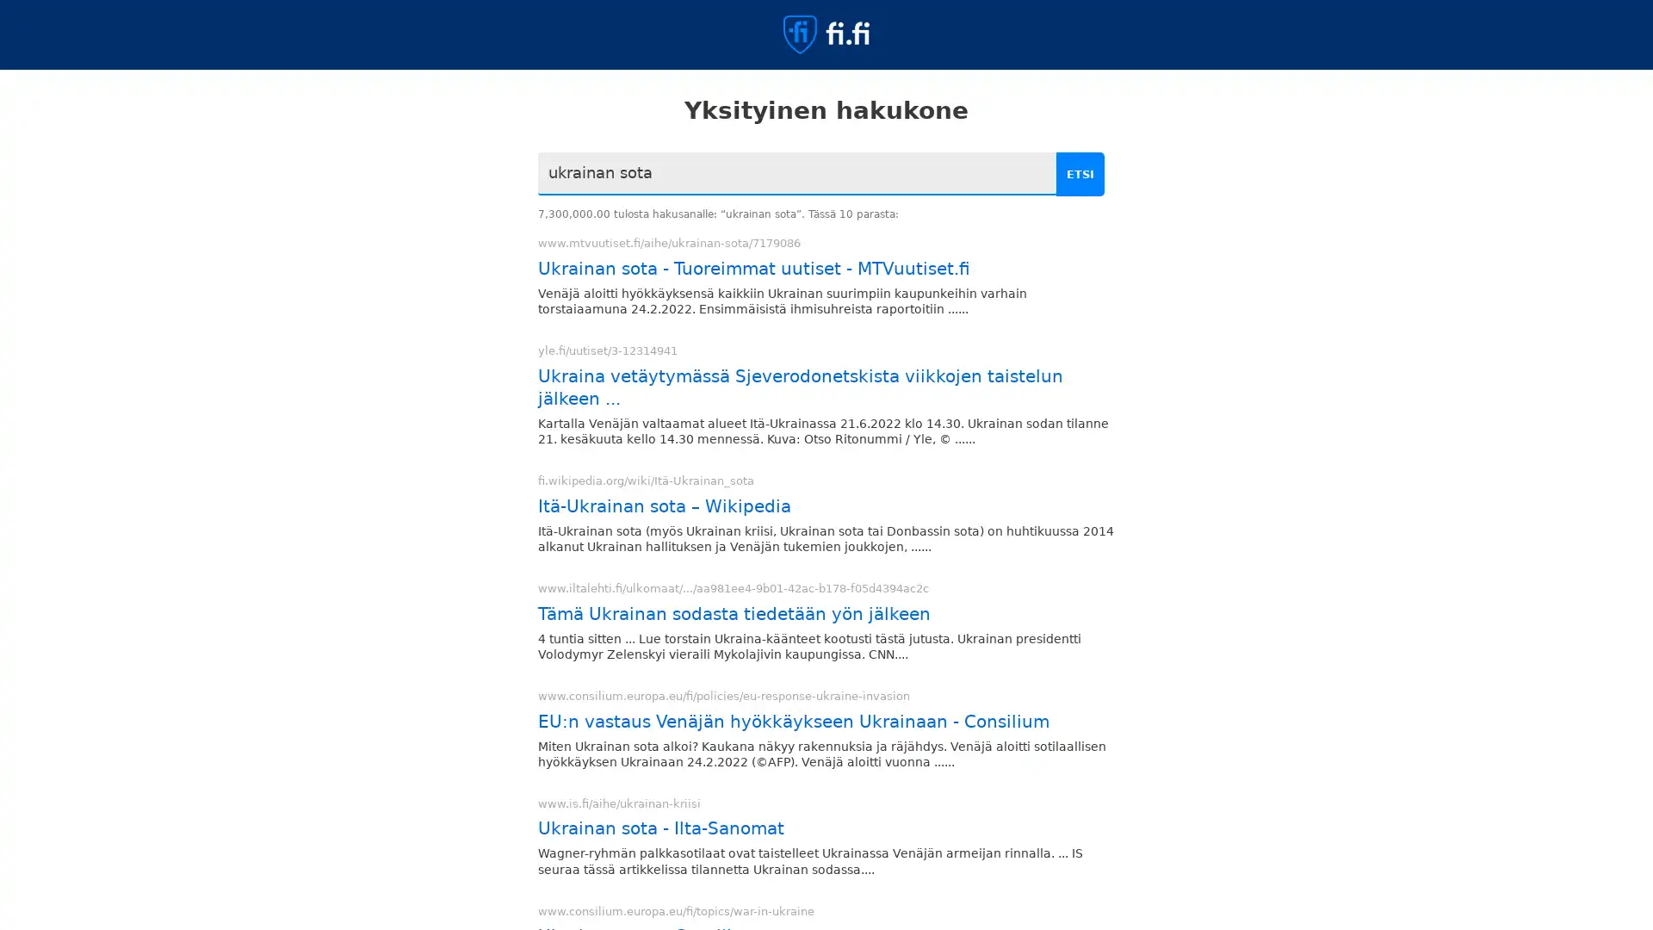 The height and width of the screenshot is (930, 1653). What do you see at coordinates (1082, 174) in the screenshot?
I see `ETSI` at bounding box center [1082, 174].